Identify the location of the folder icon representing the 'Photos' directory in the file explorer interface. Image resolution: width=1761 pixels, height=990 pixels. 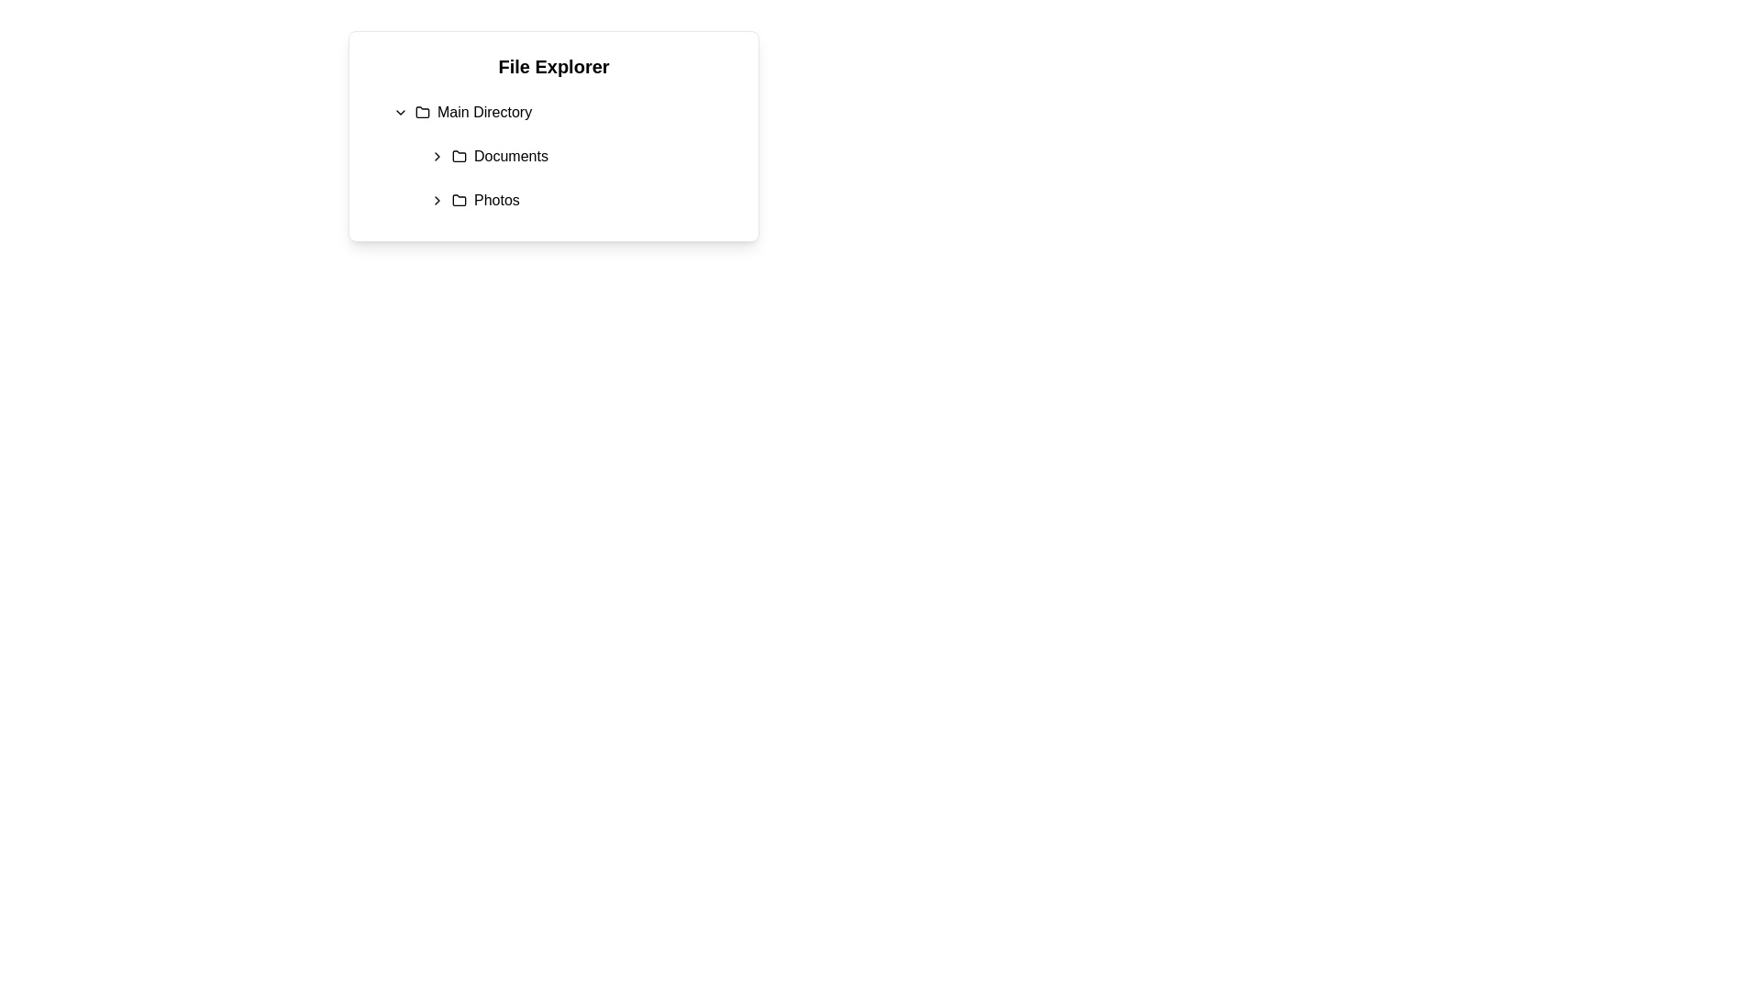
(459, 201).